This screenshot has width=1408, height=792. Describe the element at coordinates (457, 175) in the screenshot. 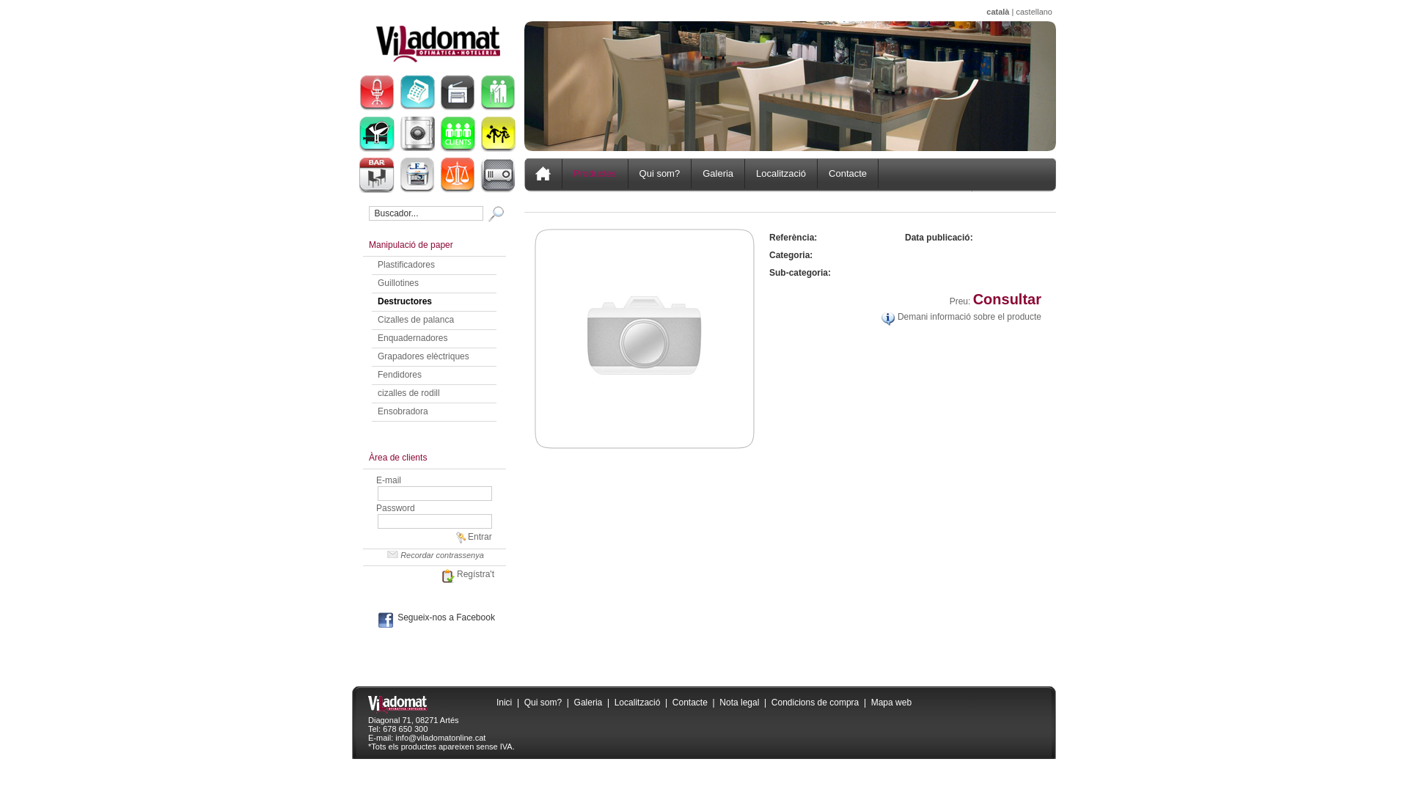

I see `'Balances comercials'` at that location.